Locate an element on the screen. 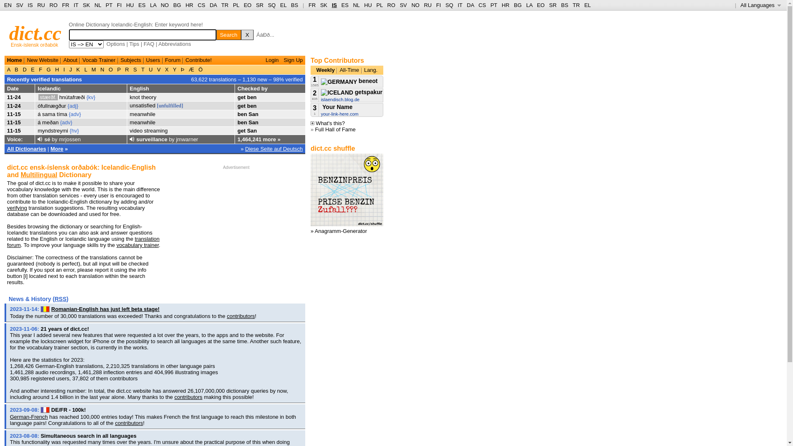 This screenshot has width=793, height=446. 'EN' is located at coordinates (8, 5).